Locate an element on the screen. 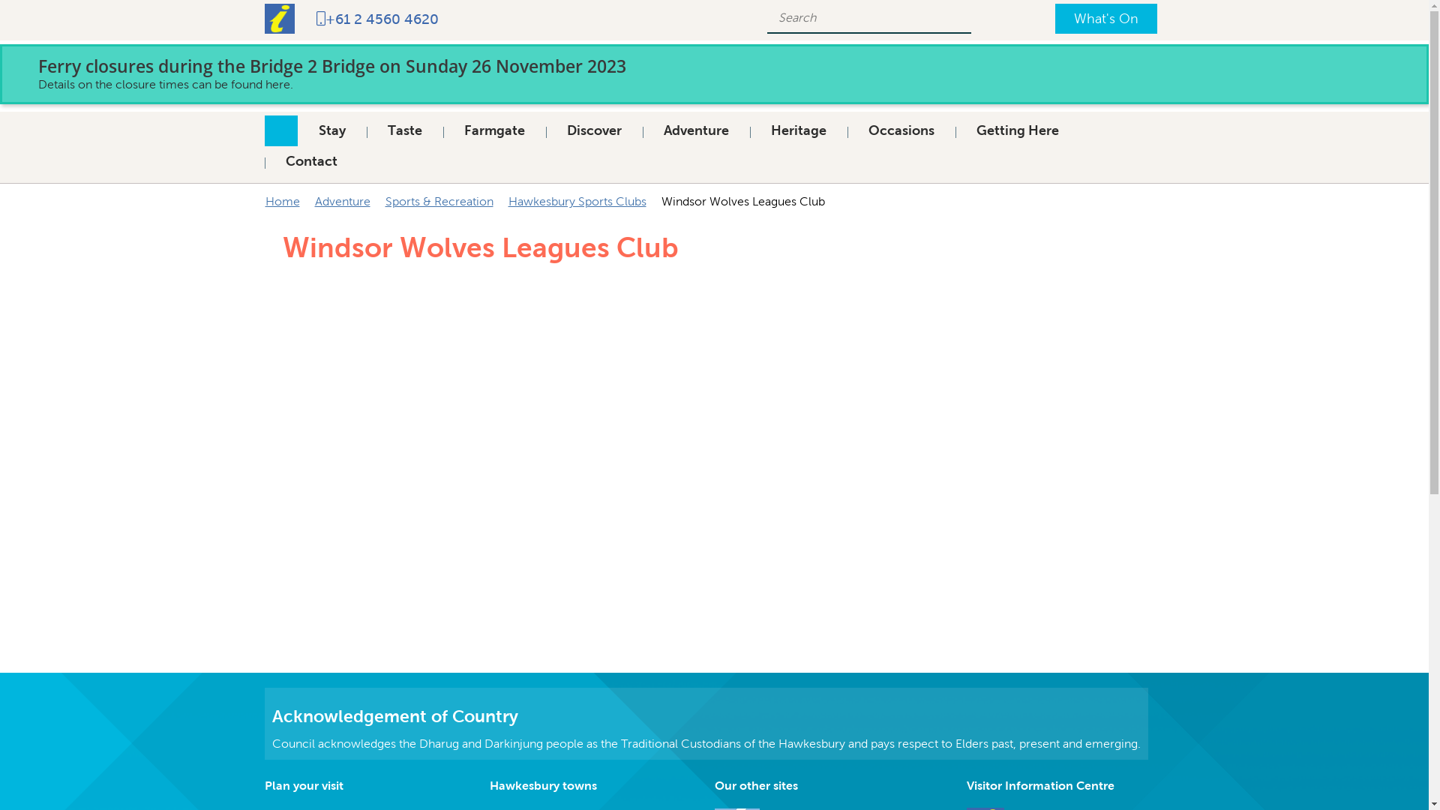  'What's On' is located at coordinates (1105, 18).